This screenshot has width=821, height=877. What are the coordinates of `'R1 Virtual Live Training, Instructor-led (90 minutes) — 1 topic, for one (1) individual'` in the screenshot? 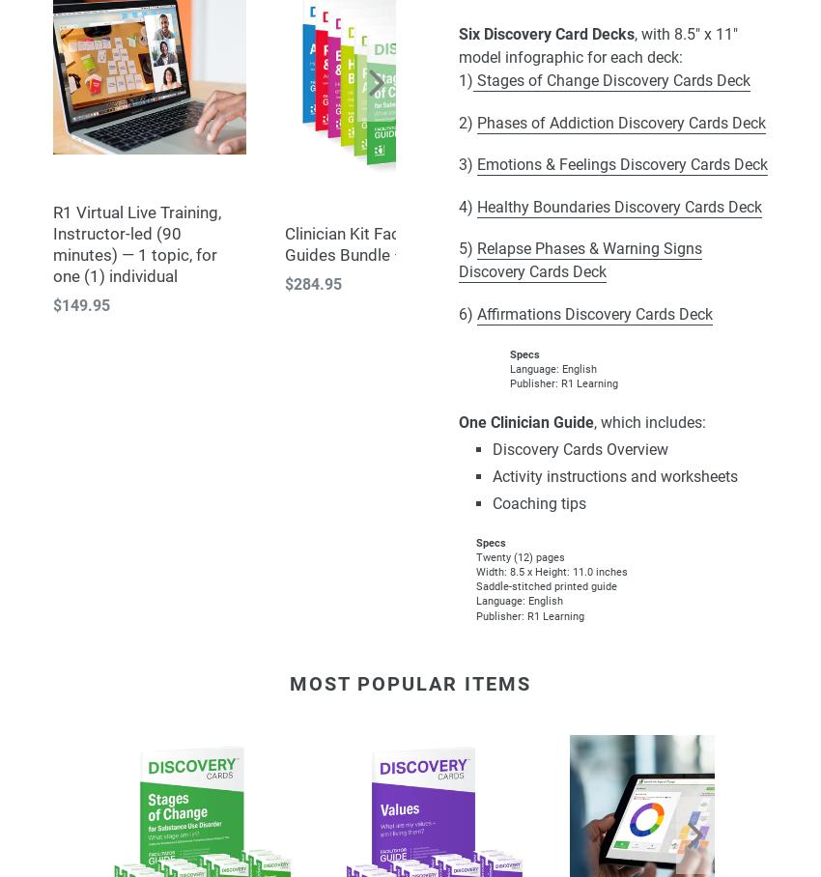 It's located at (137, 242).